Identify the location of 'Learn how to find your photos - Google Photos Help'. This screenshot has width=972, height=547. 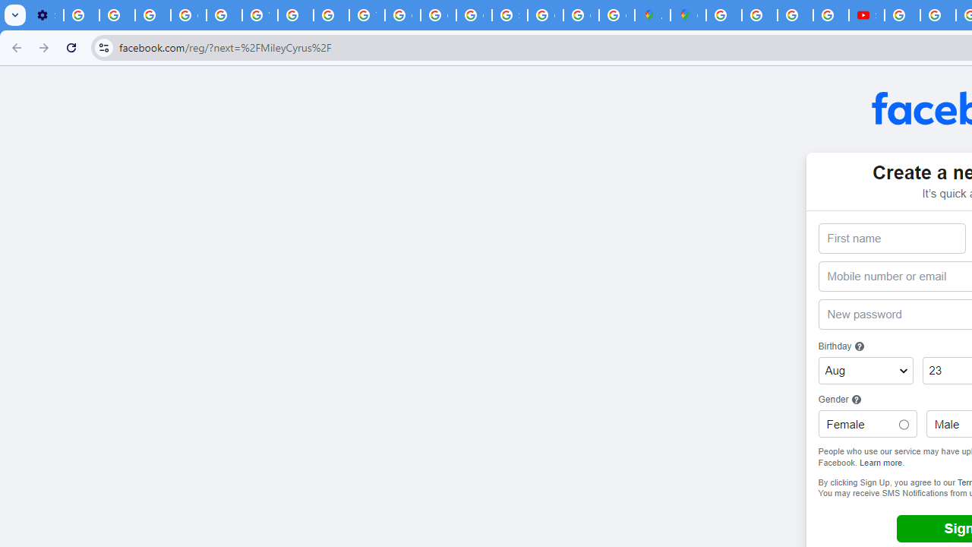
(116, 15).